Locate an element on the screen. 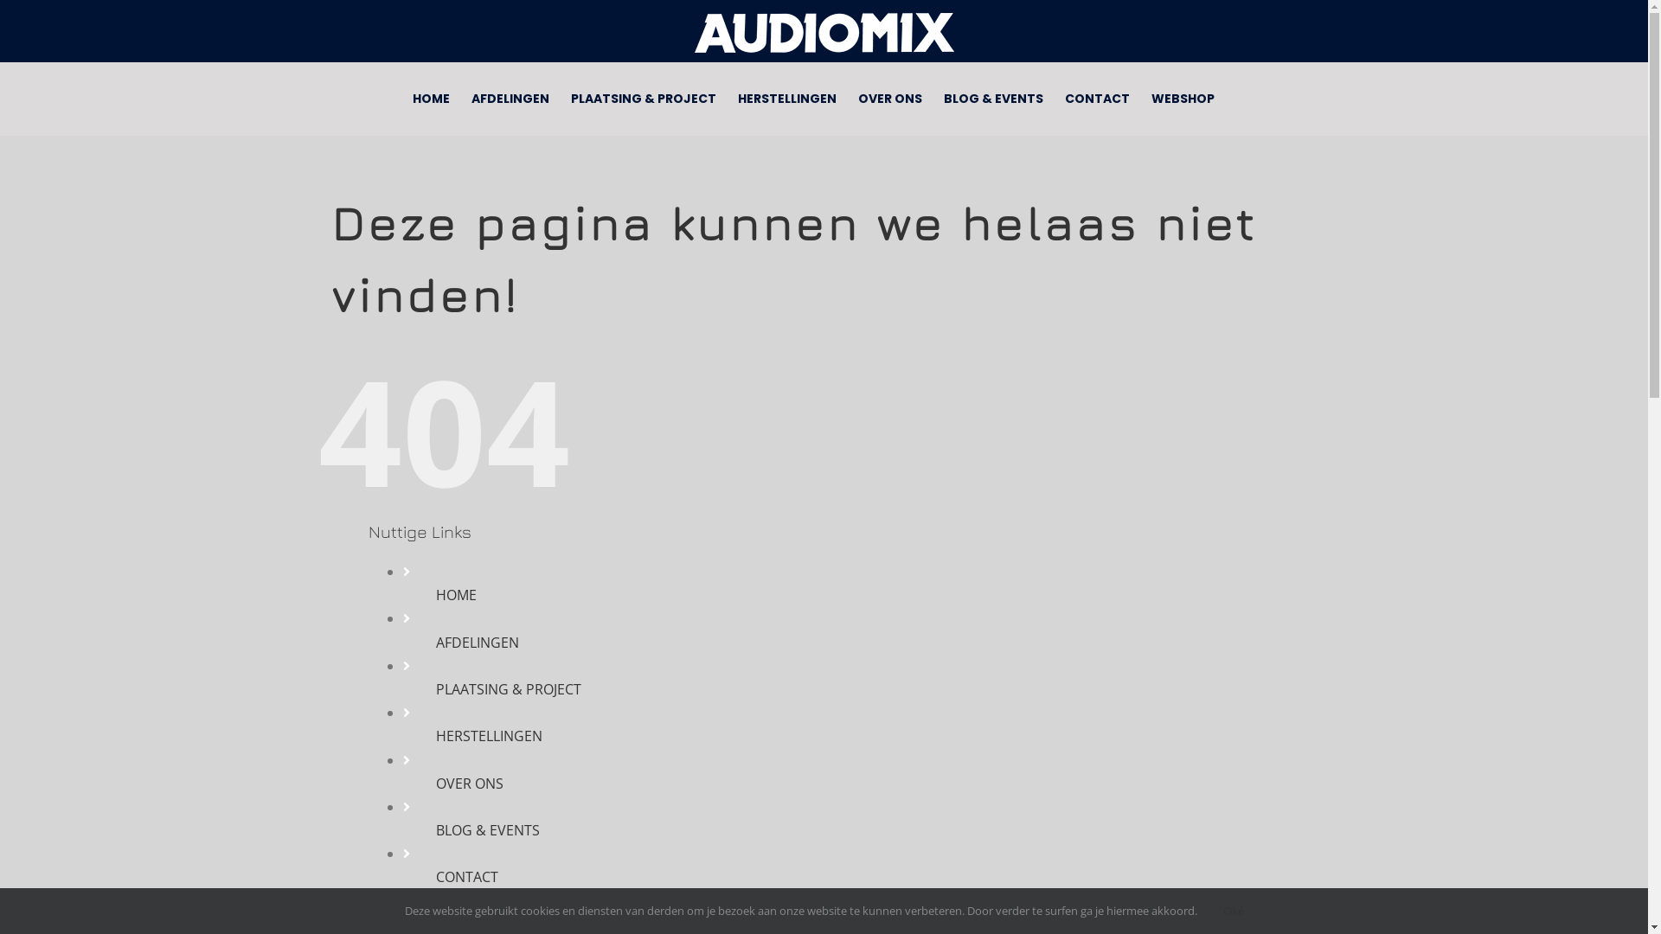 This screenshot has height=934, width=1661. 'AFDELINGEN' is located at coordinates (478, 643).